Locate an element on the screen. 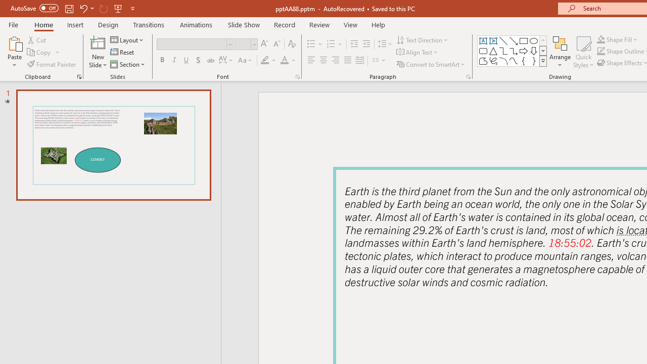  'Cut' is located at coordinates (37, 39).